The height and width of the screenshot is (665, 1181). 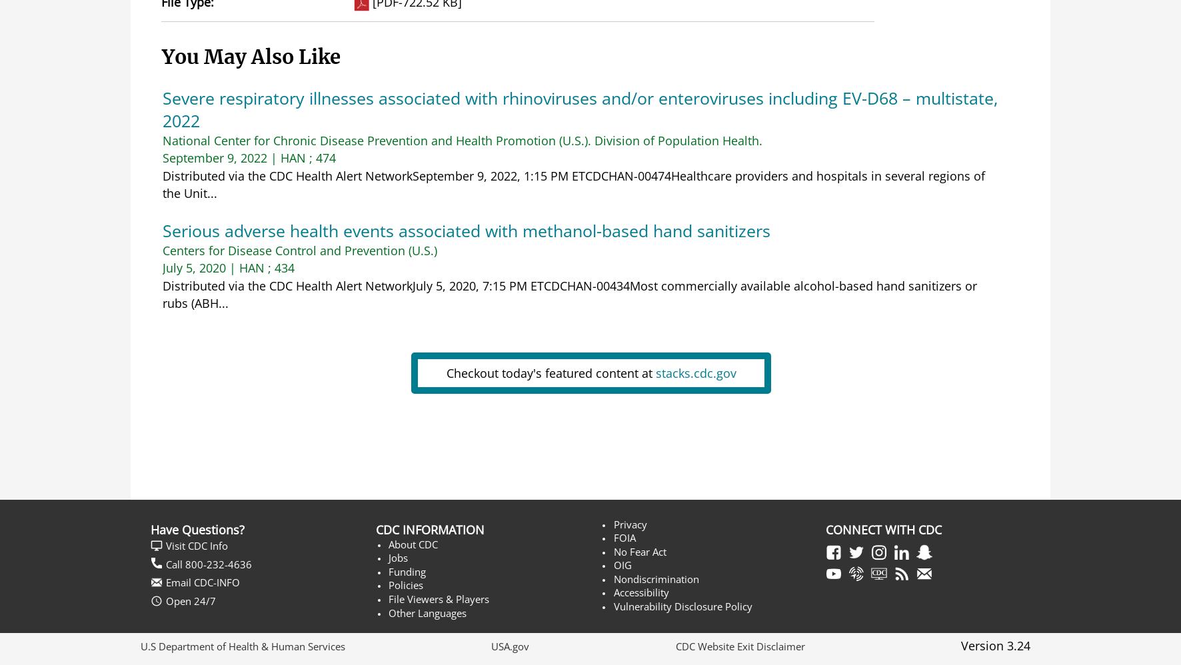 What do you see at coordinates (197, 528) in the screenshot?
I see `'Have Questions?'` at bounding box center [197, 528].